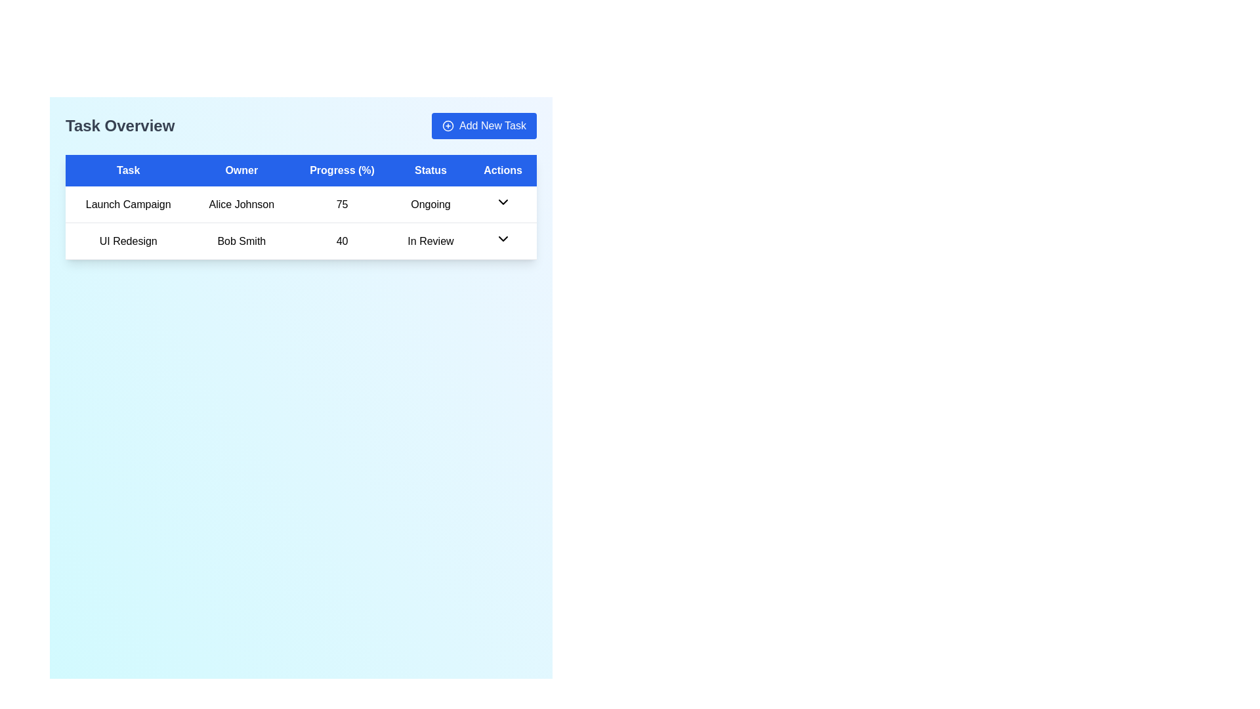 This screenshot has height=709, width=1260. I want to click on the text label displaying 'Bob Smith' located in the second row under the 'Owner' column of the table, so click(241, 241).